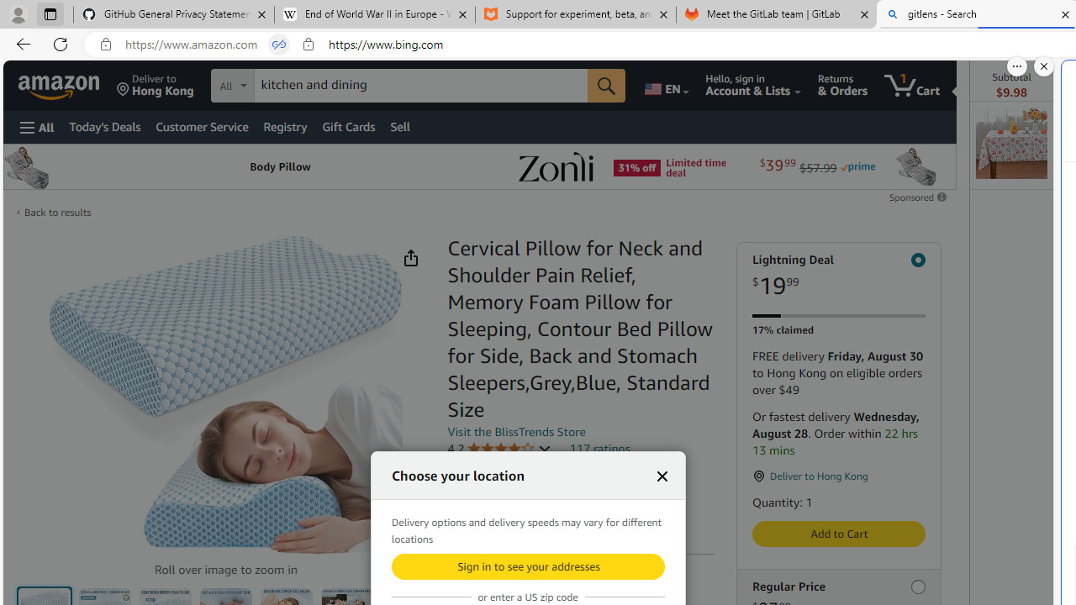  What do you see at coordinates (37, 126) in the screenshot?
I see `'Open Menu'` at bounding box center [37, 126].